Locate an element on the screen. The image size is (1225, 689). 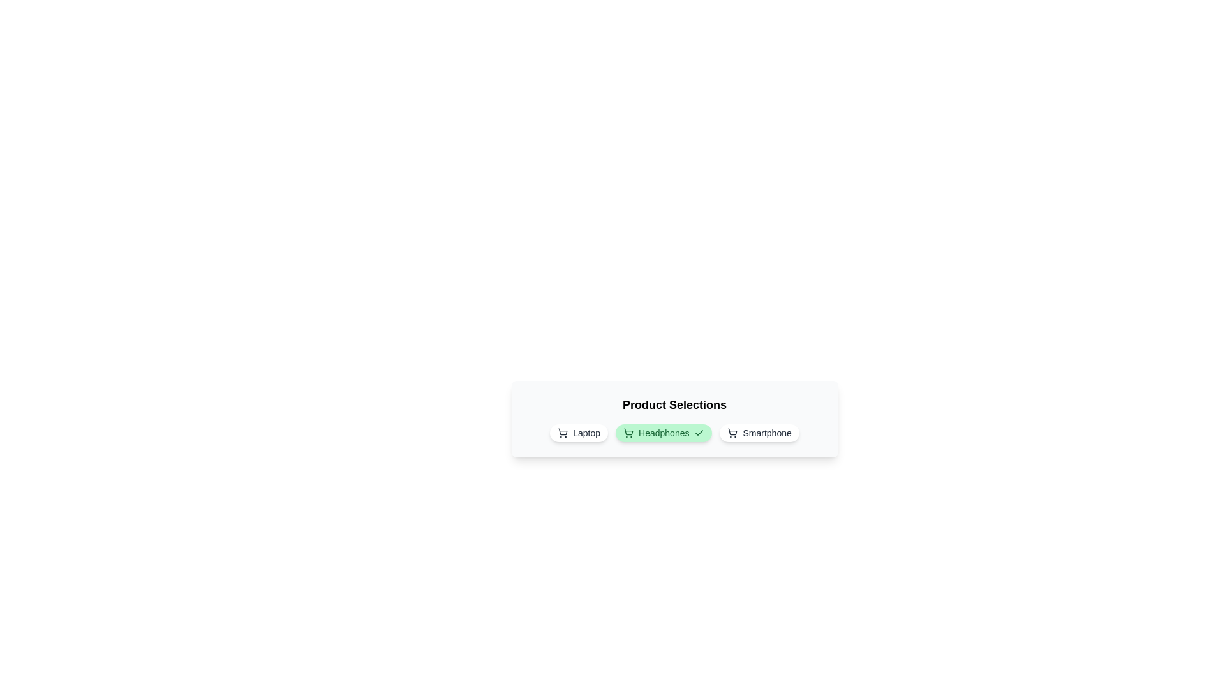
the product chip labeled Laptop is located at coordinates (578, 432).